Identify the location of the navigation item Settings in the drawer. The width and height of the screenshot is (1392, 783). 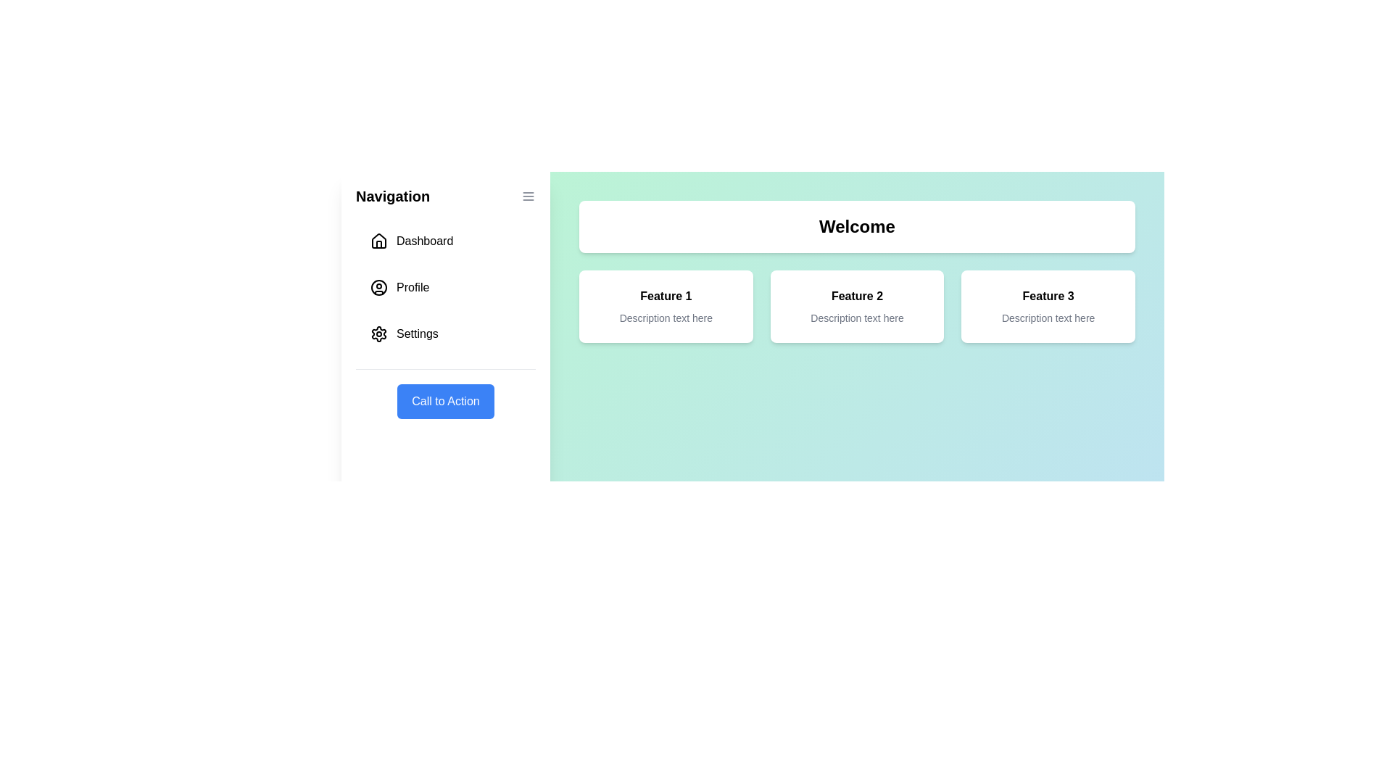
(444, 334).